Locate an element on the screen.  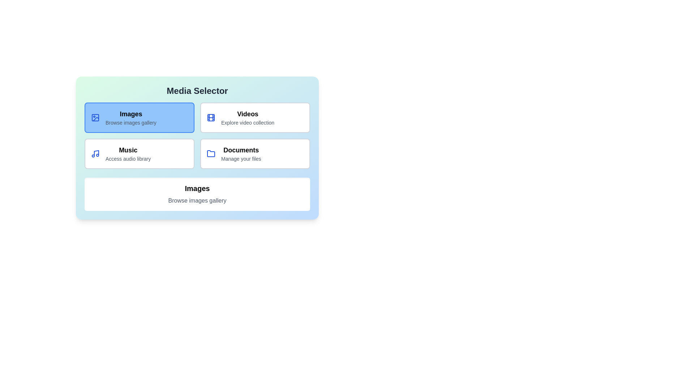
the media type Videos to view its description is located at coordinates (255, 117).